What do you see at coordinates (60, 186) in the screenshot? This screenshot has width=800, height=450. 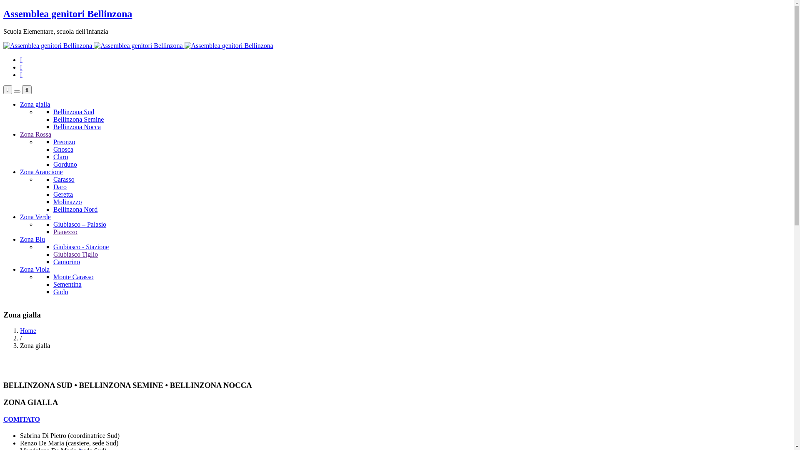 I see `'Daro'` at bounding box center [60, 186].